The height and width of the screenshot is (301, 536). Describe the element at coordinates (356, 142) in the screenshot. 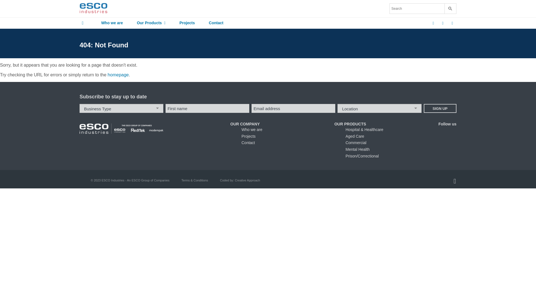

I see `'Commercial'` at that location.